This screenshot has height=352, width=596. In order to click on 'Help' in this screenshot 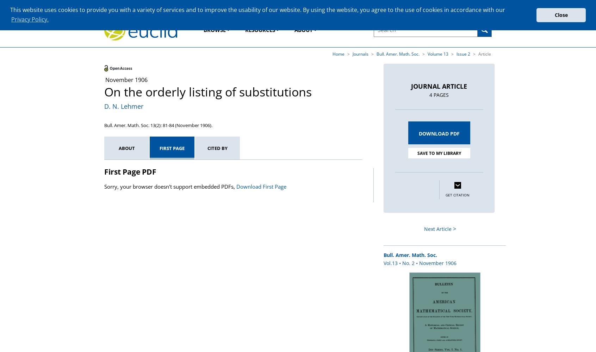, I will do `click(487, 6)`.